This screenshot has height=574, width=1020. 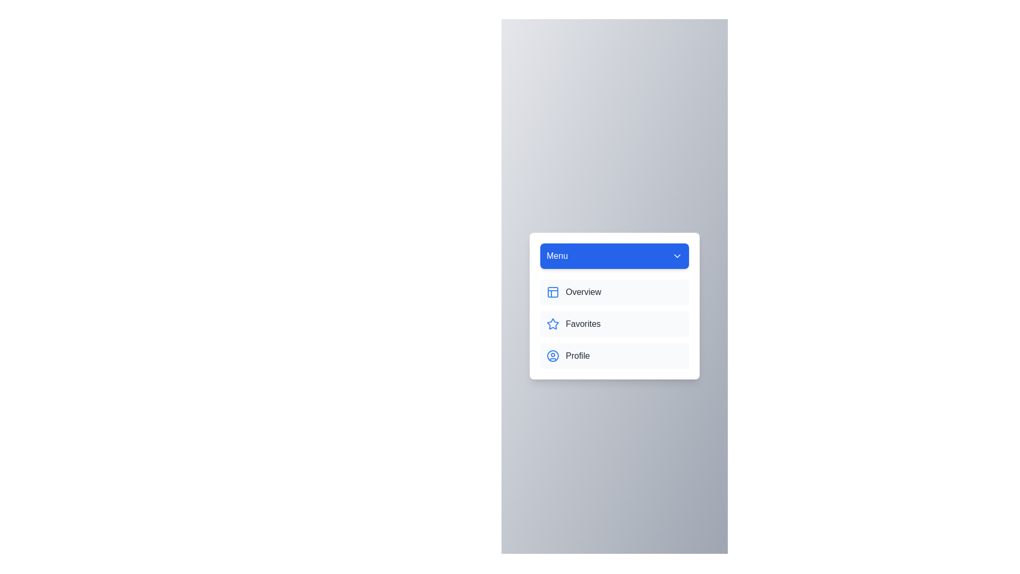 What do you see at coordinates (552, 356) in the screenshot?
I see `the icon of the Profile option in the menu` at bounding box center [552, 356].